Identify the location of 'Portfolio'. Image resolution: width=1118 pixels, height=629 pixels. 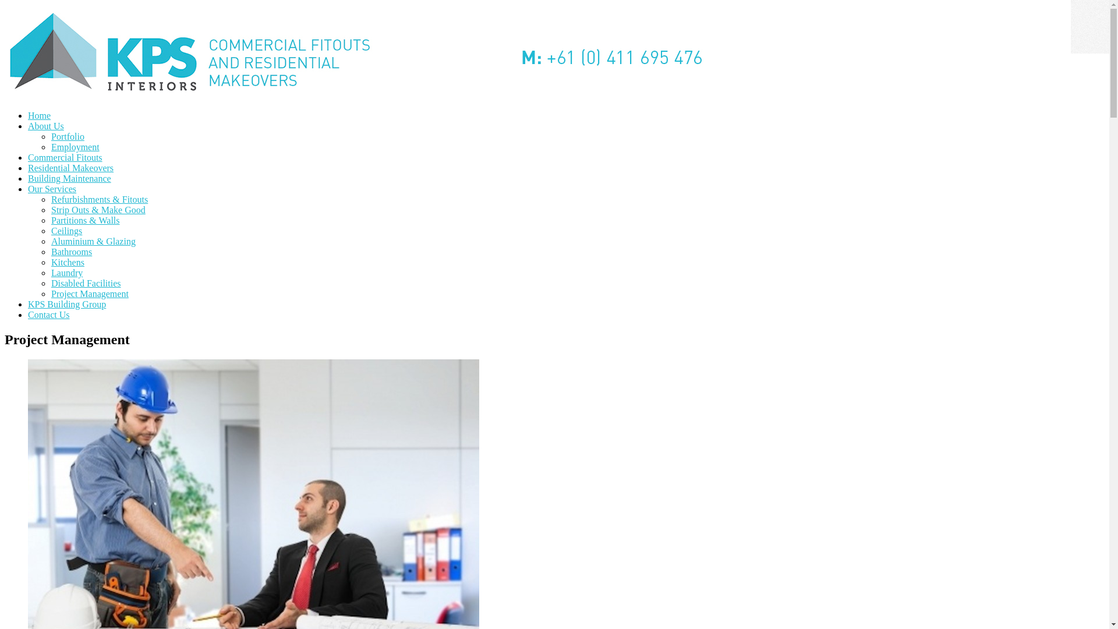
(67, 136).